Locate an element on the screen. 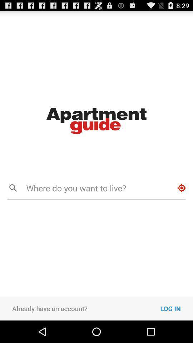  your position through gps is located at coordinates (182, 188).